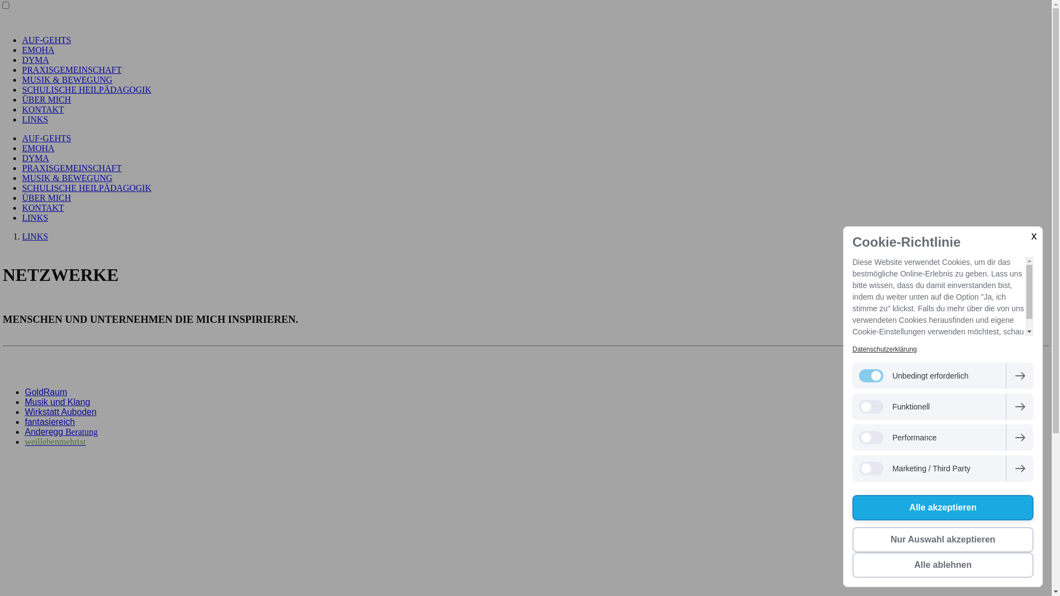  Describe the element at coordinates (49, 422) in the screenshot. I see `'fantasiereich'` at that location.